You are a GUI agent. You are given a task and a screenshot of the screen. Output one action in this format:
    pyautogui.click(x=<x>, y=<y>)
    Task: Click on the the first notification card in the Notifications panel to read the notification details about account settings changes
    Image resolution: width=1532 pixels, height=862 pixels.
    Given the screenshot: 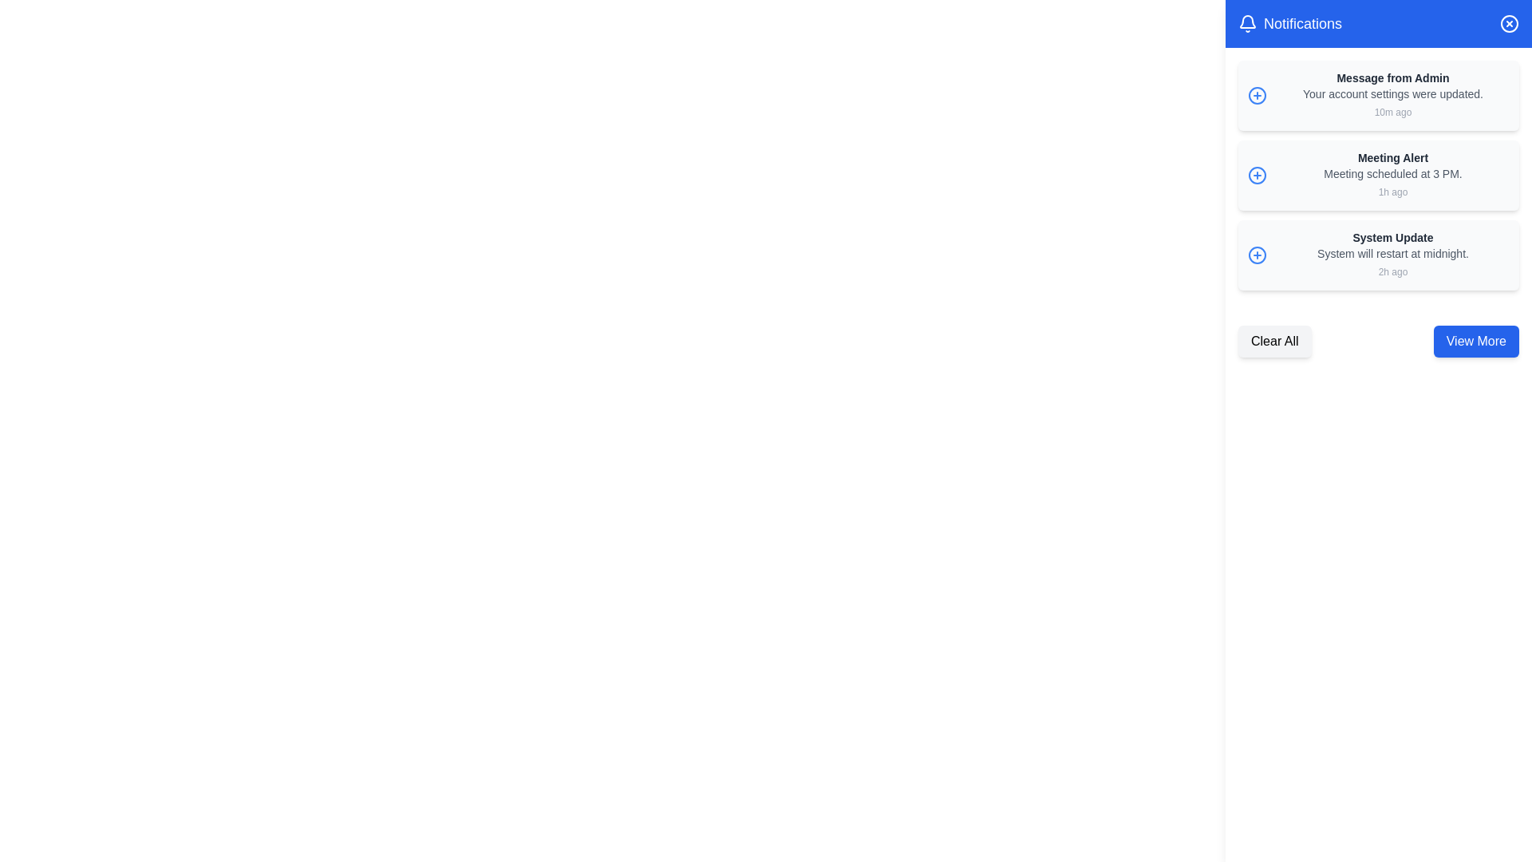 What is the action you would take?
    pyautogui.click(x=1378, y=95)
    